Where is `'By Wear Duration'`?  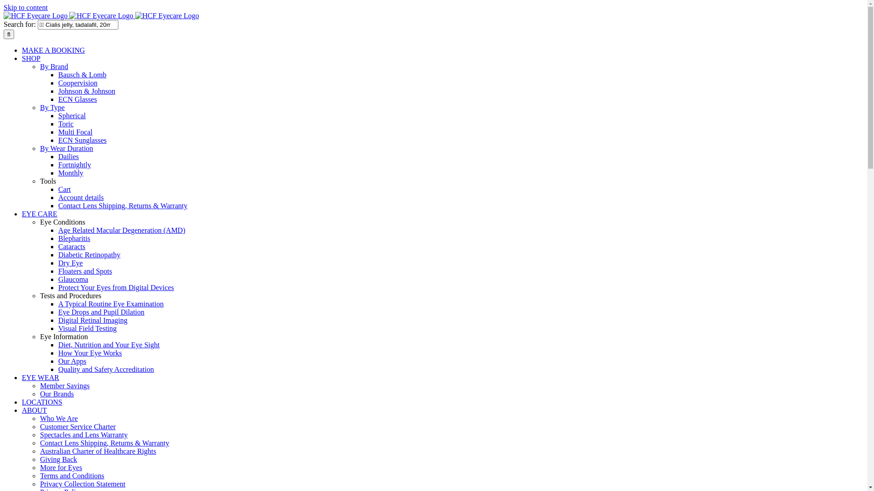 'By Wear Duration' is located at coordinates (66, 148).